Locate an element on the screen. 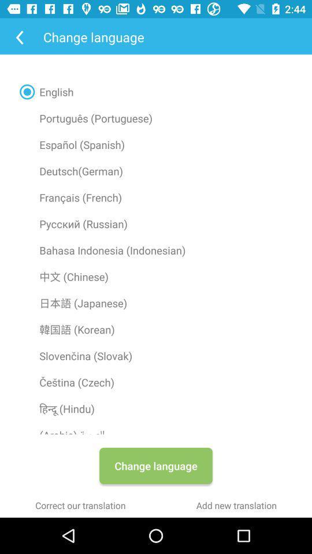  radio button above the deutsch(german) icon is located at coordinates (156, 144).